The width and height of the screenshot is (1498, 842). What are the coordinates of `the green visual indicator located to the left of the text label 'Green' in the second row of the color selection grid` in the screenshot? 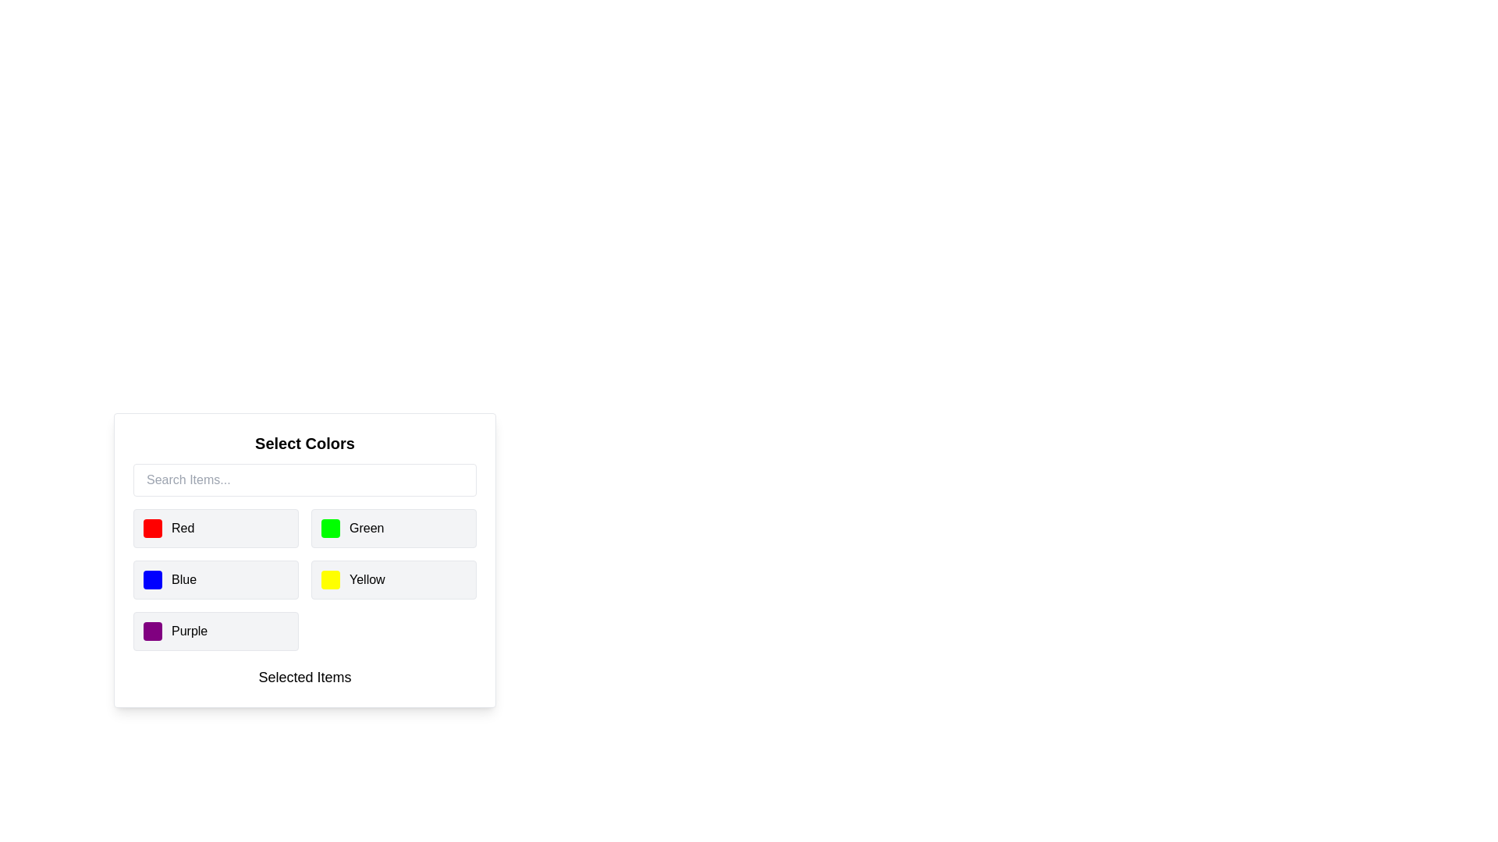 It's located at (329, 528).